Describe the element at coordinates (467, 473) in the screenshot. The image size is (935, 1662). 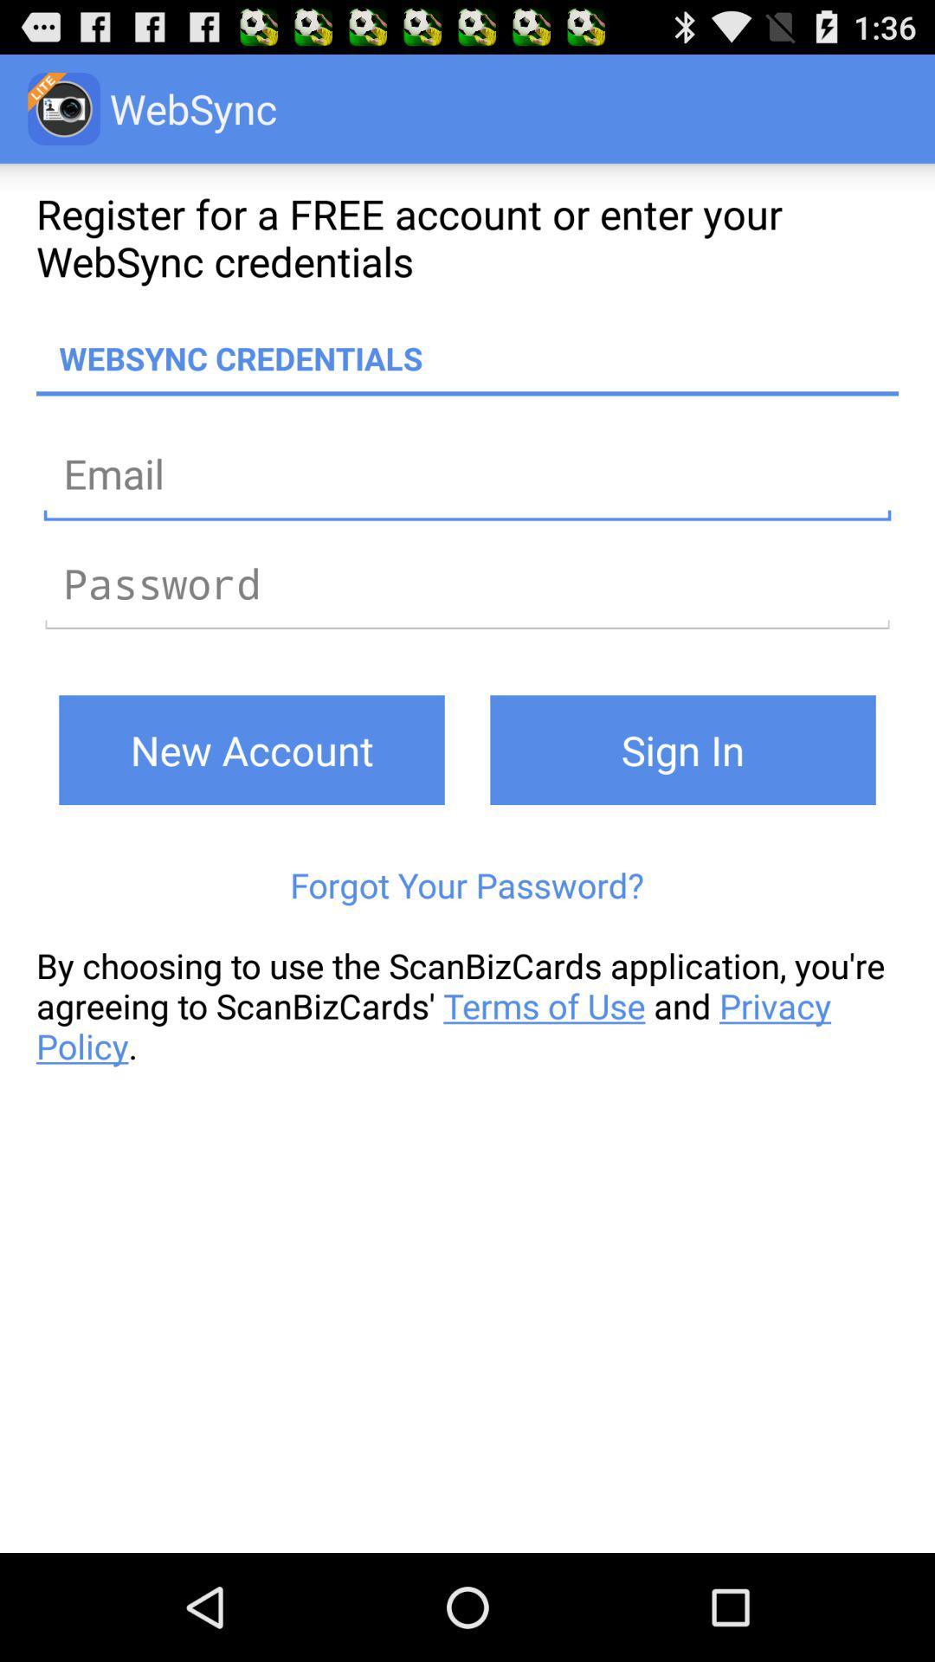
I see `email` at that location.